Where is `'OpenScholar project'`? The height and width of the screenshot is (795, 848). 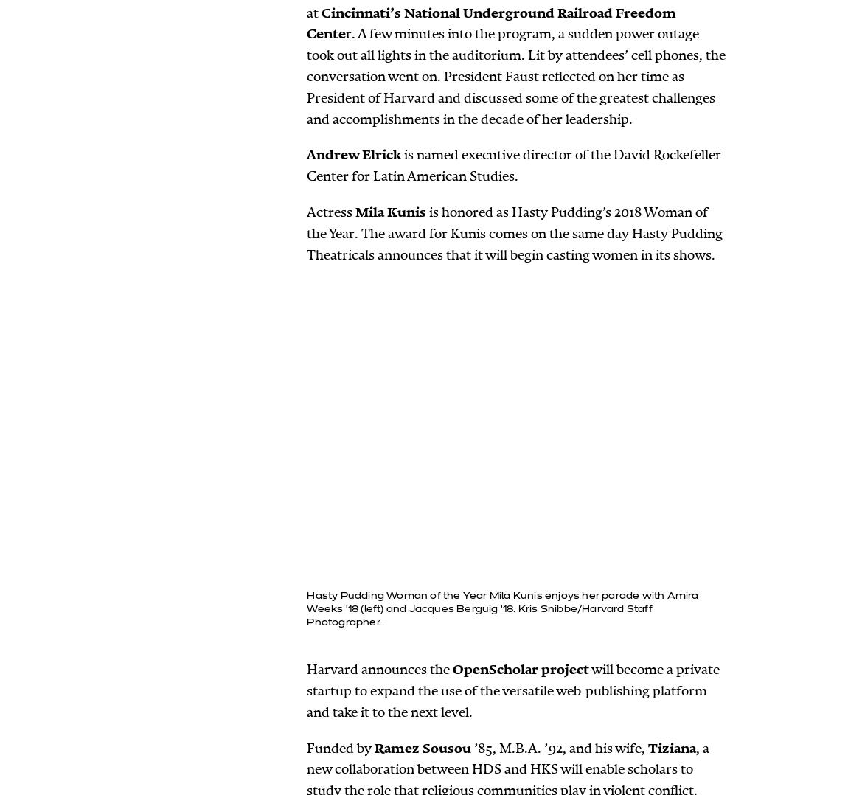 'OpenScholar project' is located at coordinates (520, 669).